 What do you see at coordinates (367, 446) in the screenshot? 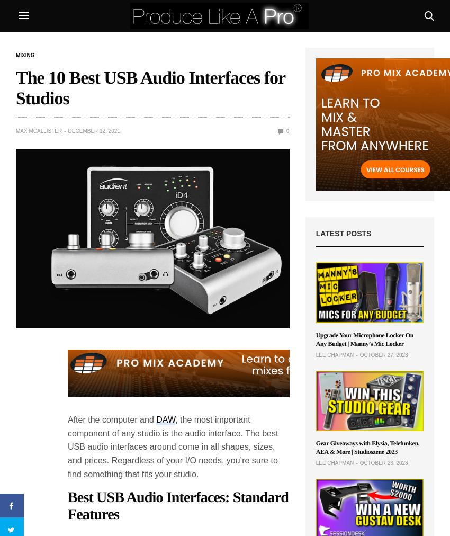
I see `'Gear Giveaways with Elysia, Telefunken, AEA & More | Studioszene 2023'` at bounding box center [367, 446].